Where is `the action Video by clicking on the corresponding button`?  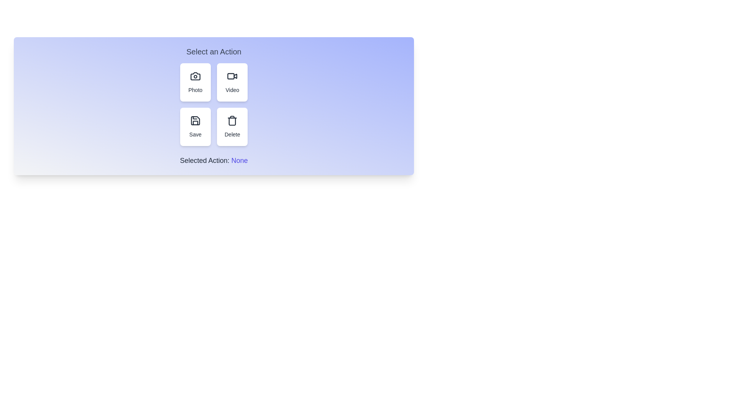
the action Video by clicking on the corresponding button is located at coordinates (232, 82).